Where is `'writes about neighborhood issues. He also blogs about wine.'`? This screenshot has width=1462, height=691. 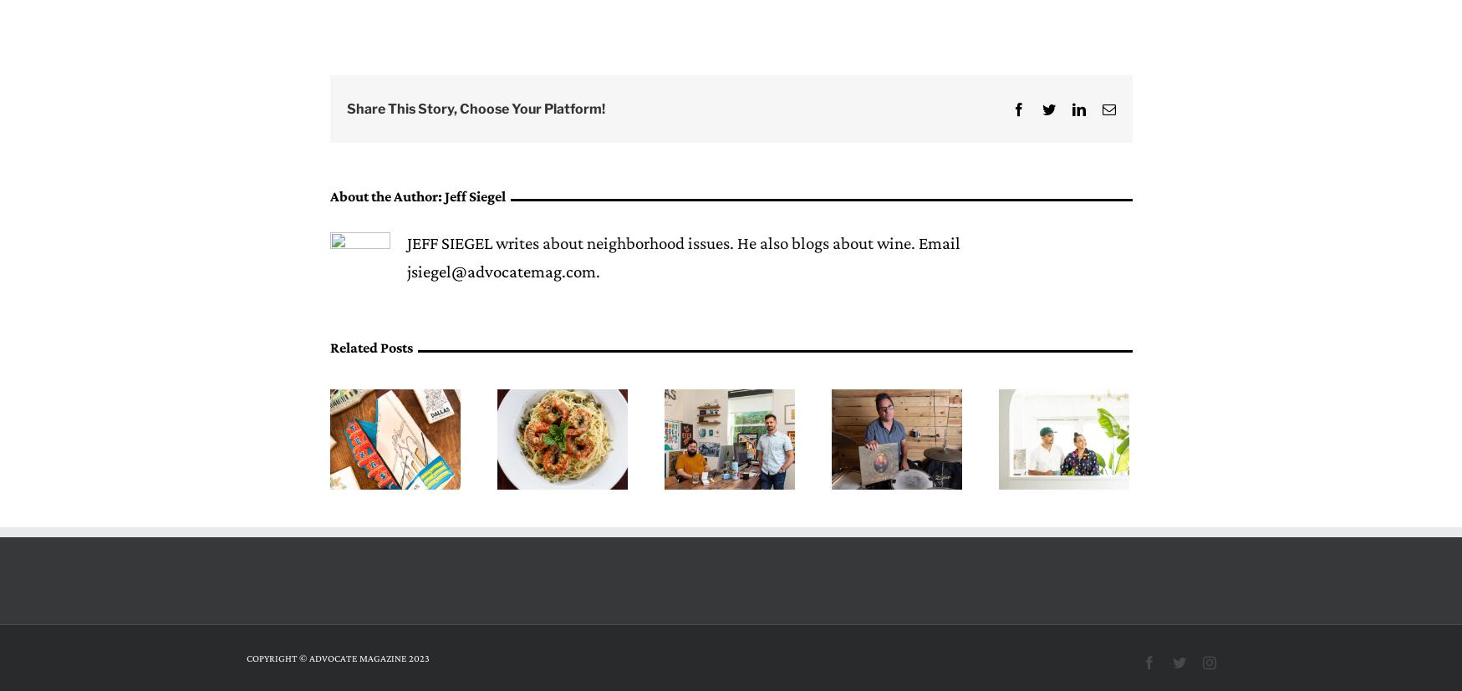 'writes about neighborhood issues. He also blogs about wine.' is located at coordinates (704, 242).